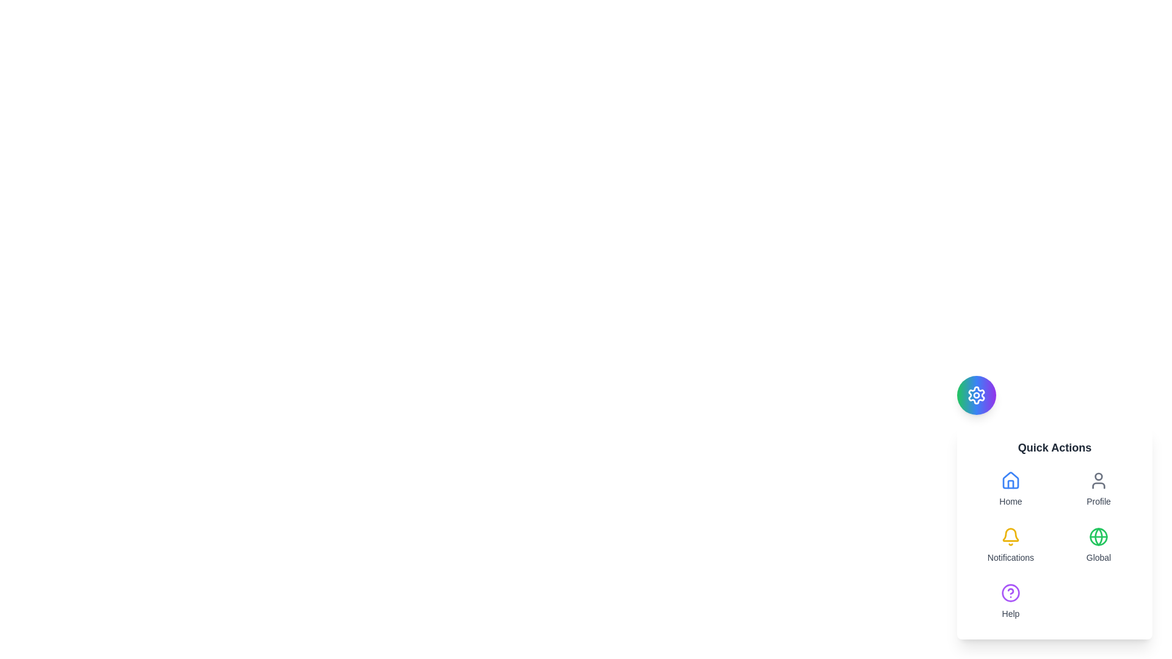 This screenshot has width=1172, height=659. What do you see at coordinates (1011, 534) in the screenshot?
I see `the notification icon located in the 'Quick Actions' panel, which is the third option below 'Home' and 'Profile', and to the left of 'Global'` at bounding box center [1011, 534].